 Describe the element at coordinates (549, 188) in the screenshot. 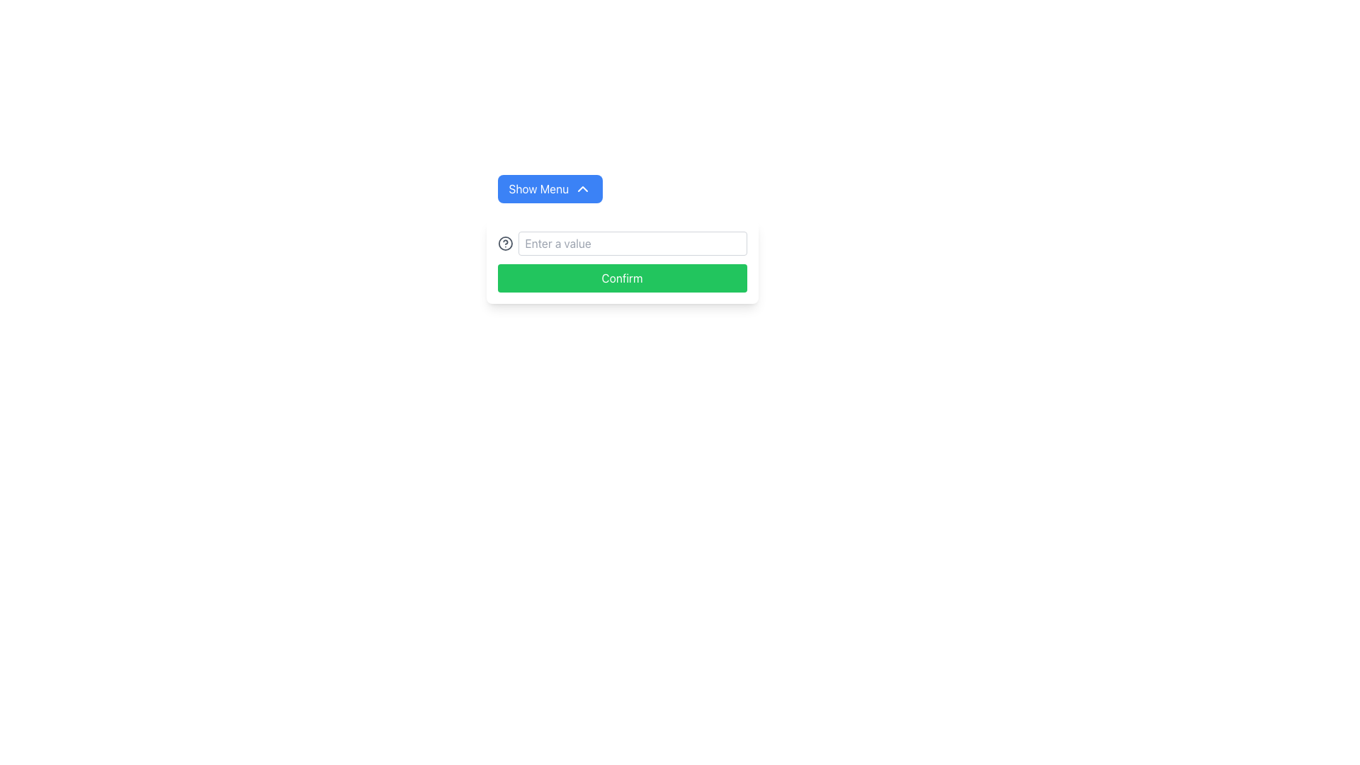

I see `the top button used` at that location.